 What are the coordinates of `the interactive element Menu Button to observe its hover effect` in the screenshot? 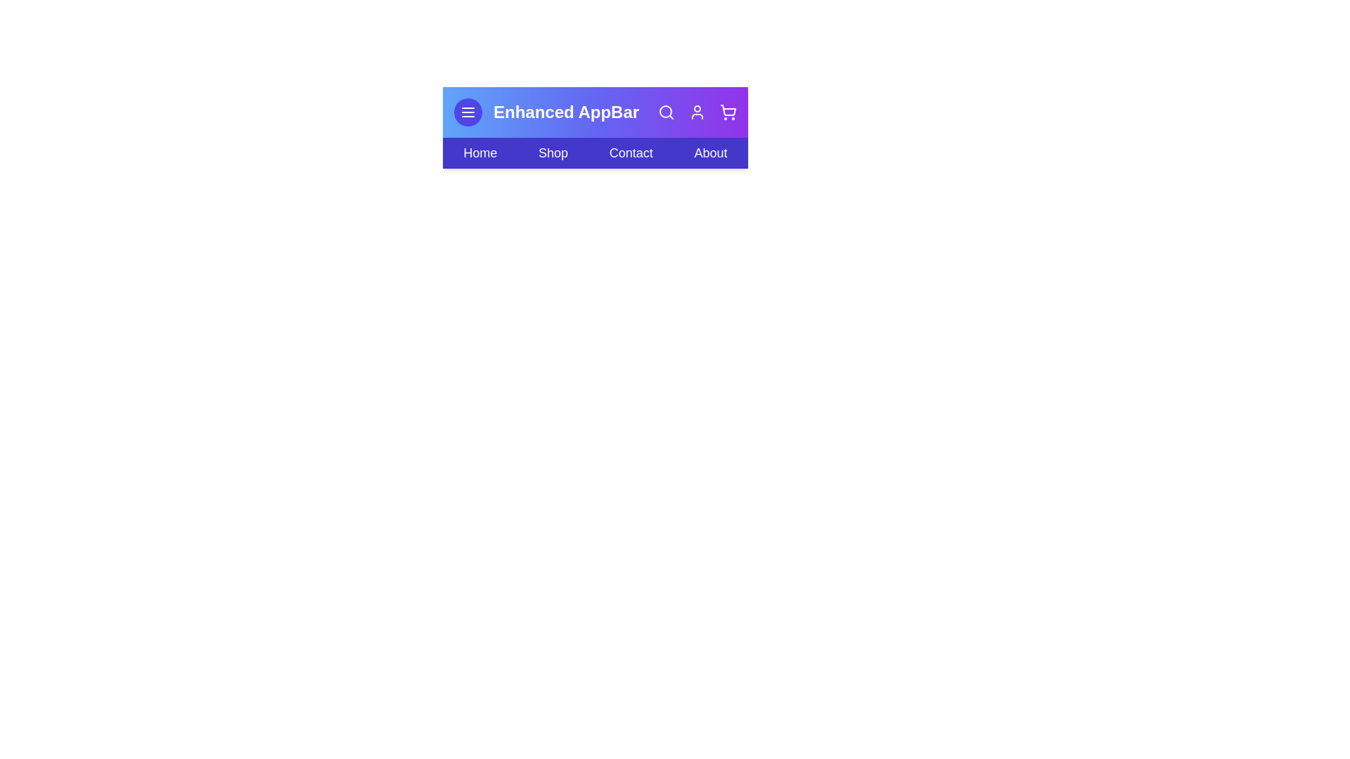 It's located at (468, 111).